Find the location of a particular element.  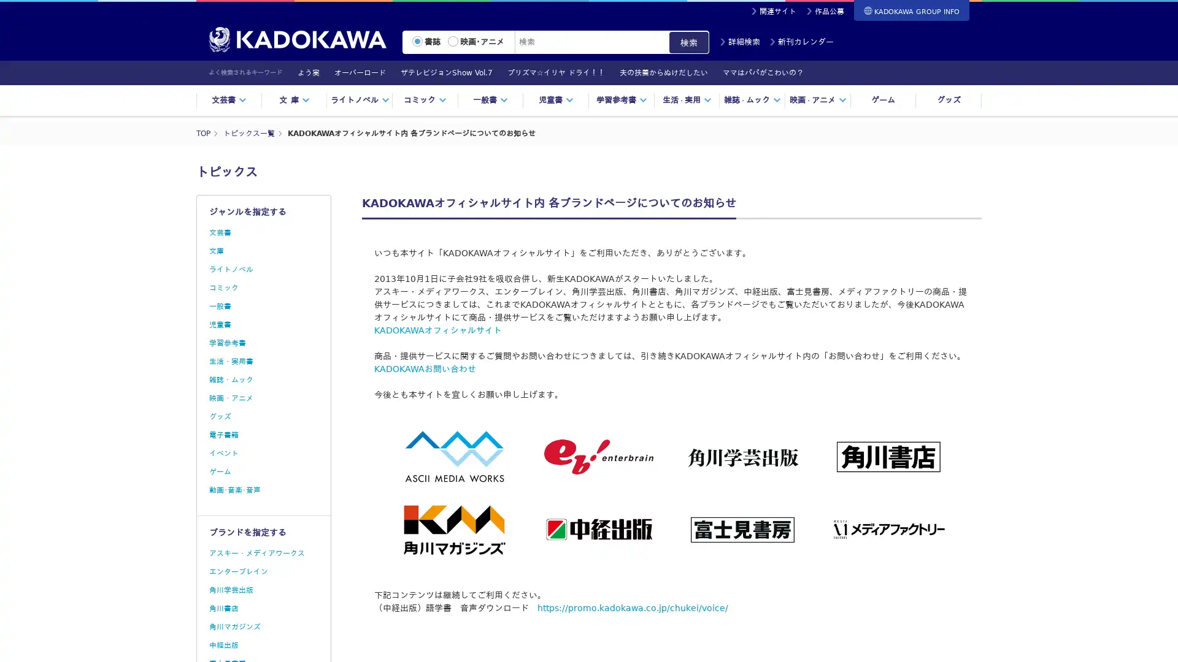

? 6 is located at coordinates (650, 92).